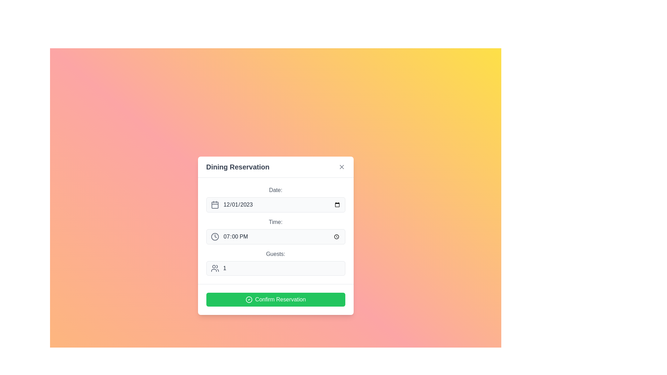 This screenshot has width=667, height=375. Describe the element at coordinates (275, 190) in the screenshot. I see `label that indicates the purpose of the adjacent date input field, located at the top of the form above the date input box` at that location.